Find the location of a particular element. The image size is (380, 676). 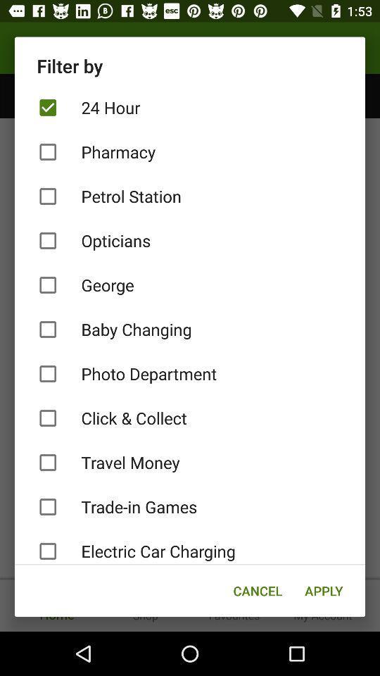

the photo department item is located at coordinates (190, 373).